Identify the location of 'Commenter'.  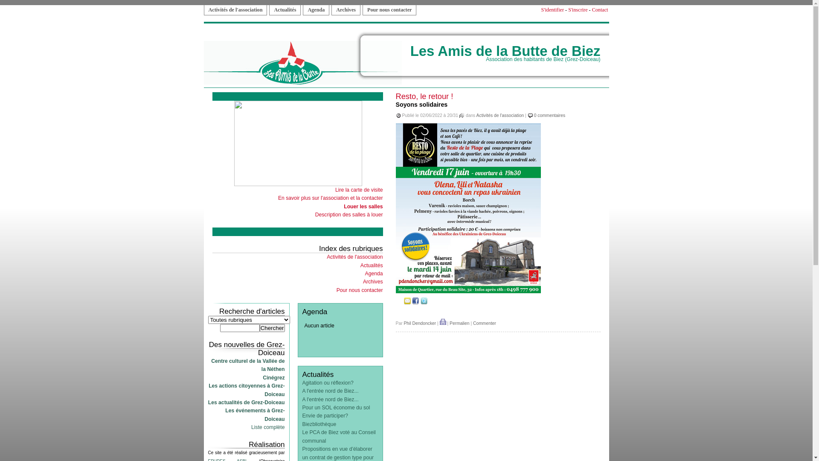
(485, 323).